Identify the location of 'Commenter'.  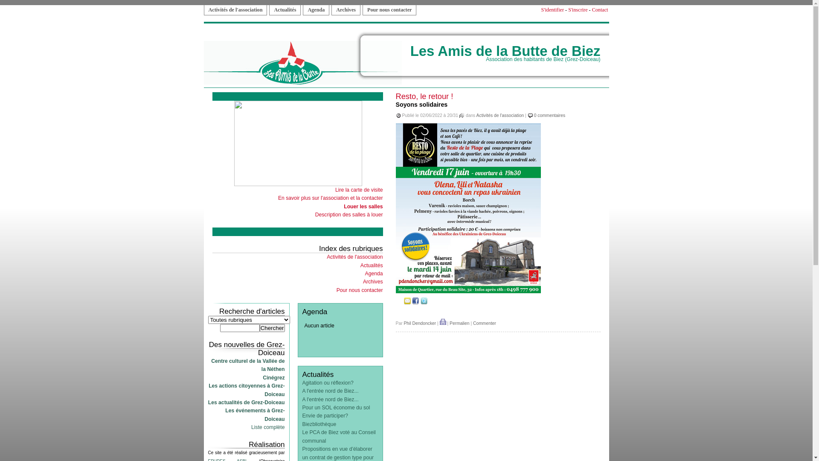
(485, 323).